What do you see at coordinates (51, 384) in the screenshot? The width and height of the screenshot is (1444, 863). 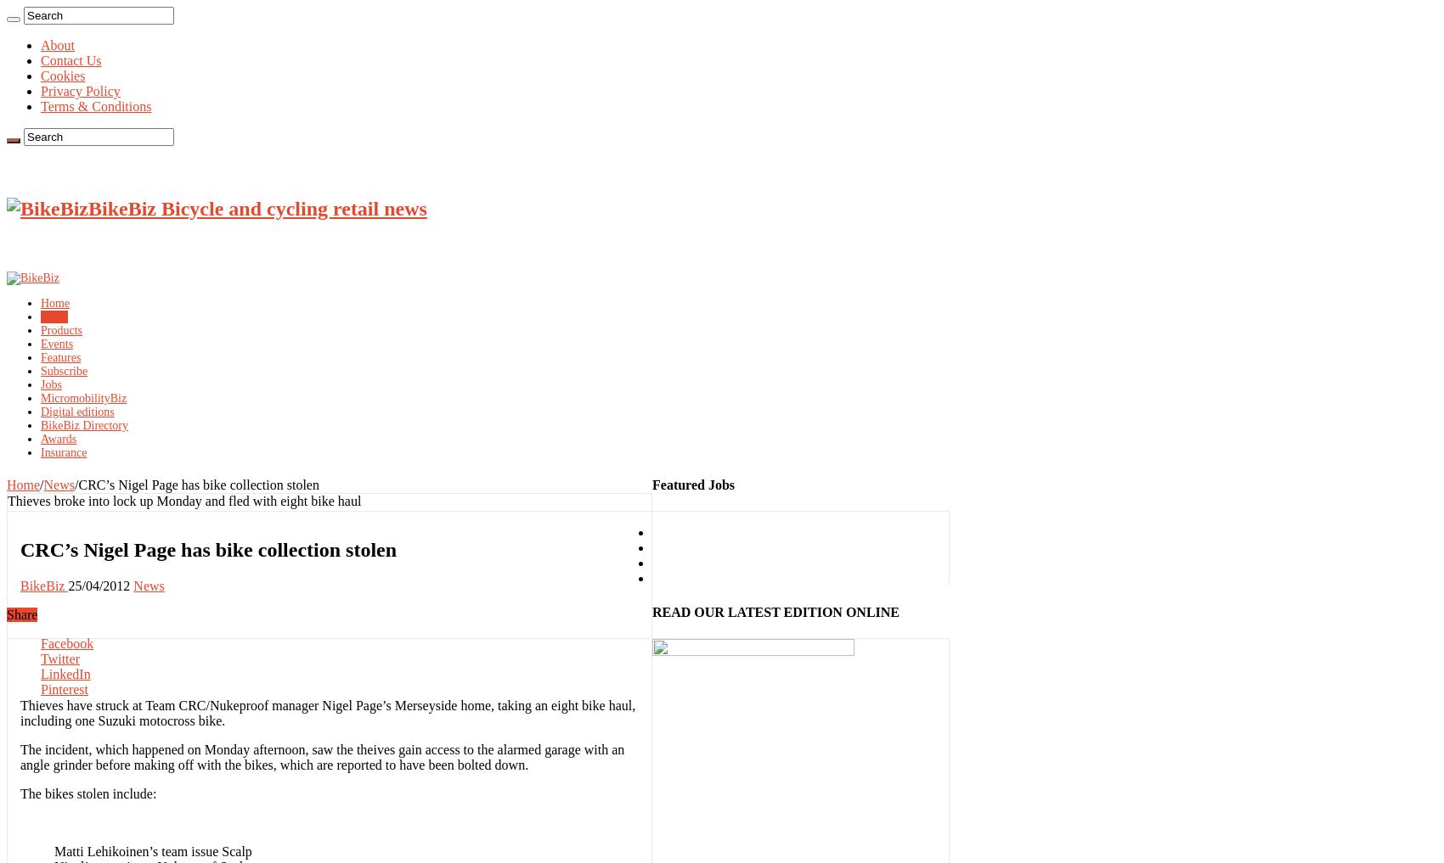 I see `'Jobs'` at bounding box center [51, 384].